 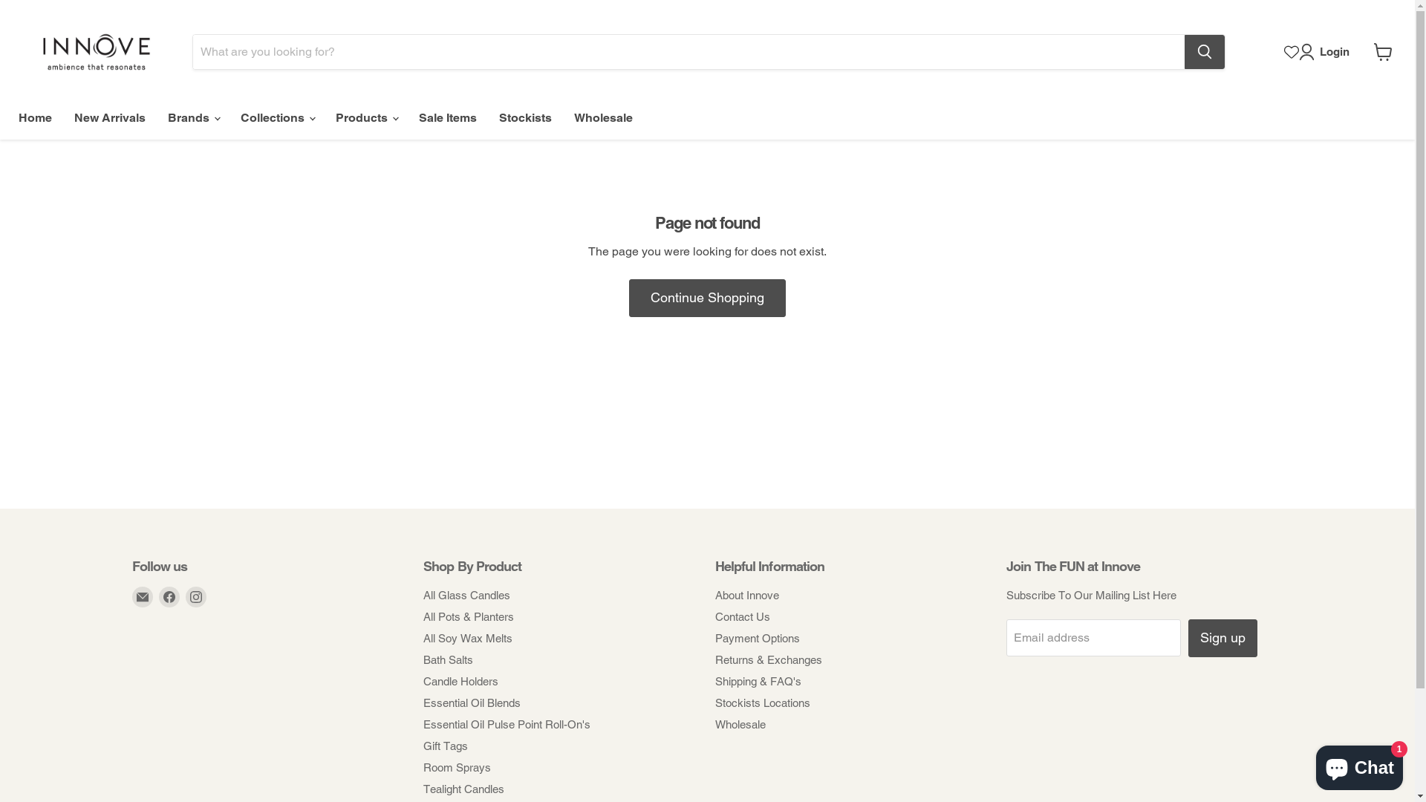 What do you see at coordinates (423, 767) in the screenshot?
I see `'Room Sprays'` at bounding box center [423, 767].